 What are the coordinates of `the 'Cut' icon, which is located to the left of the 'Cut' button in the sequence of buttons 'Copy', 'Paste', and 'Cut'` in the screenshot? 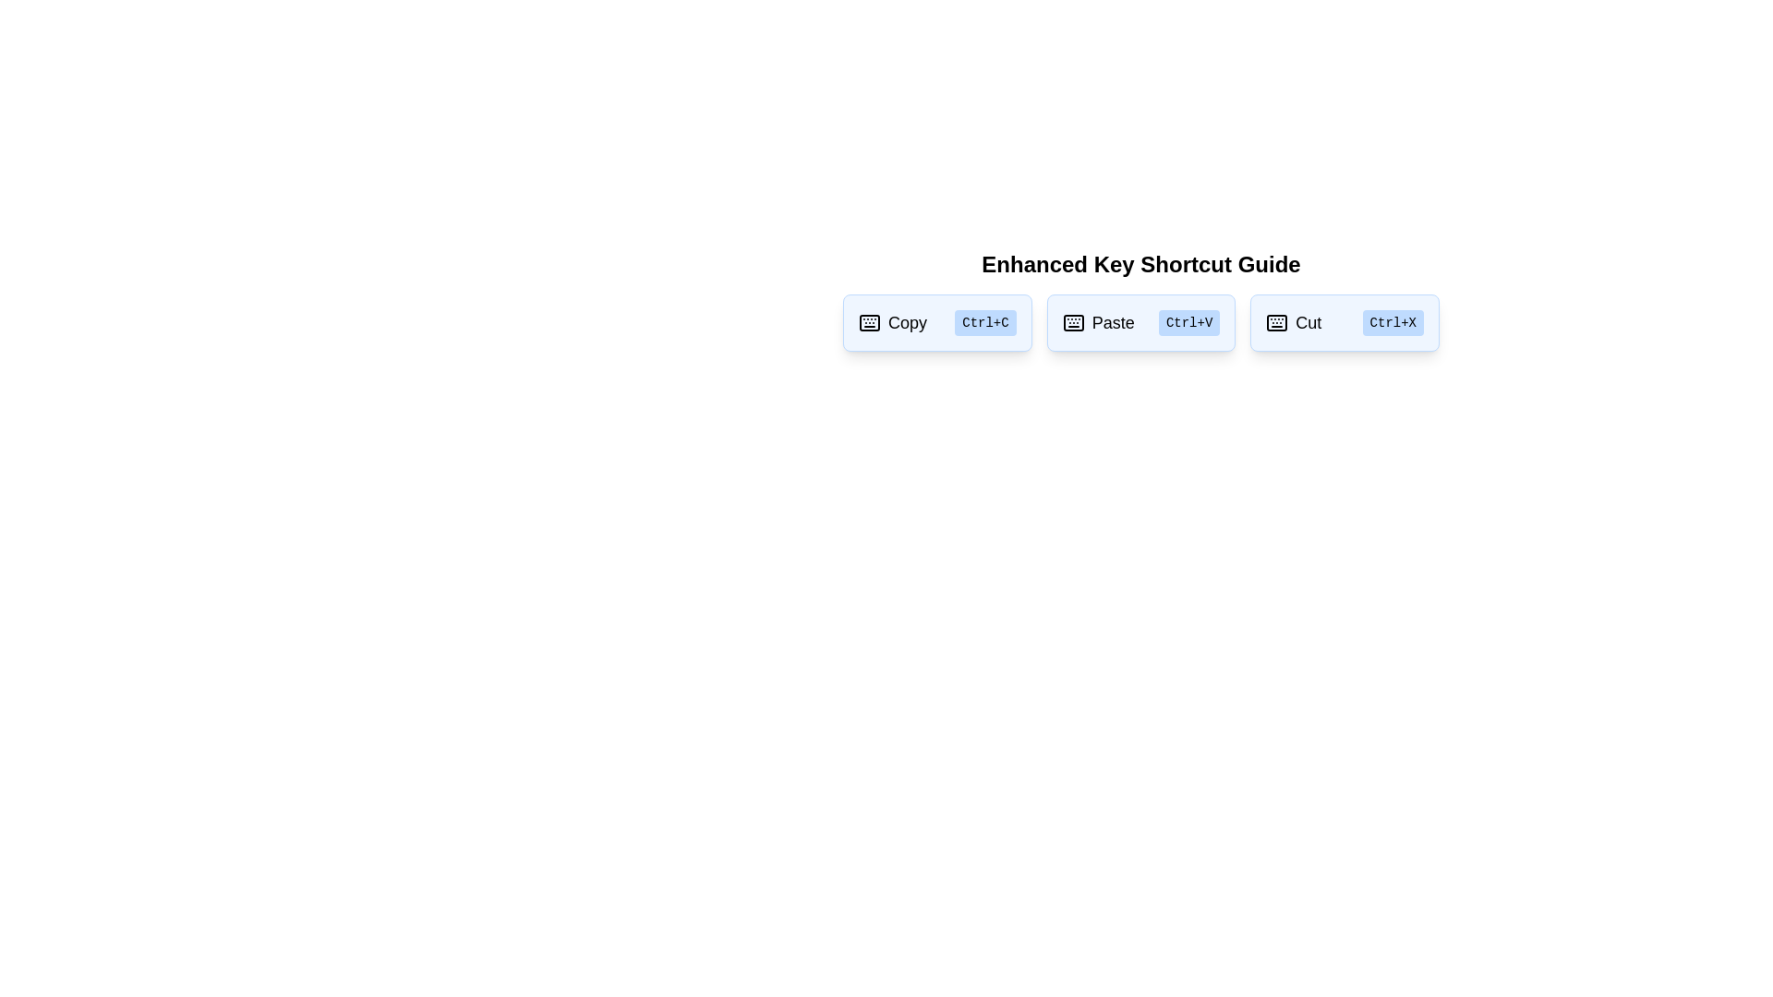 It's located at (1276, 322).